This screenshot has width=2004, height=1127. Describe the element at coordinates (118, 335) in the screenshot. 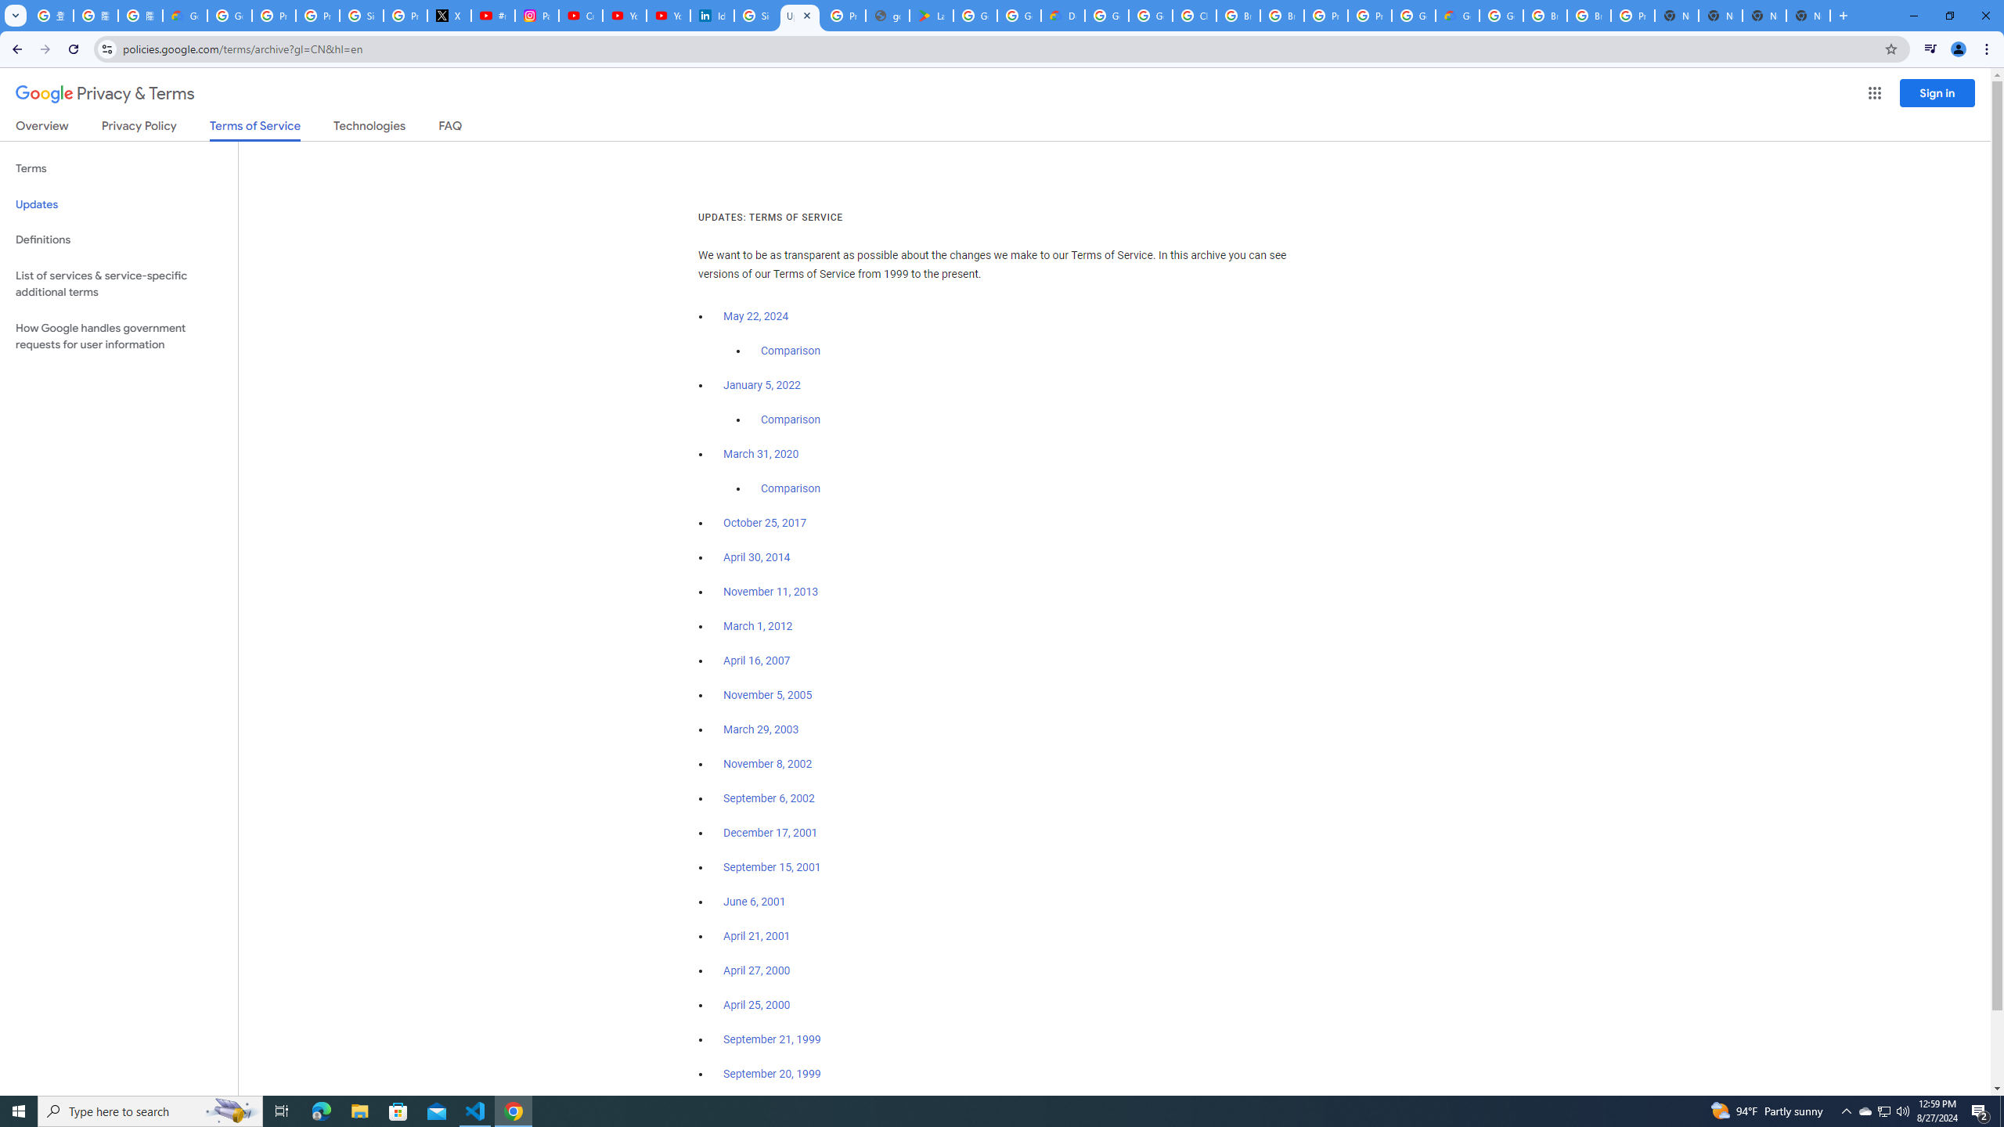

I see `'How Google handles government requests for user information'` at that location.